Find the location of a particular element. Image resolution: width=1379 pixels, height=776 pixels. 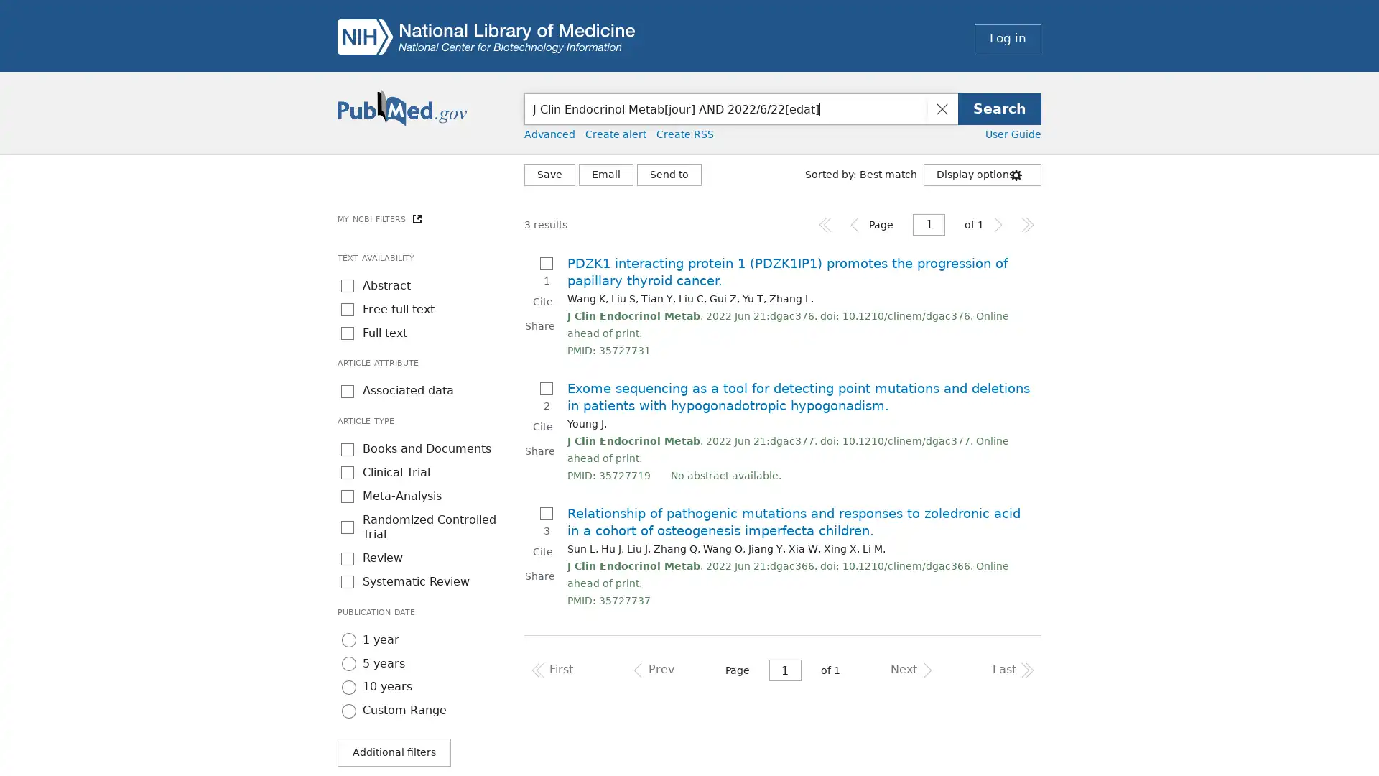

Create RSS is located at coordinates (684, 134).